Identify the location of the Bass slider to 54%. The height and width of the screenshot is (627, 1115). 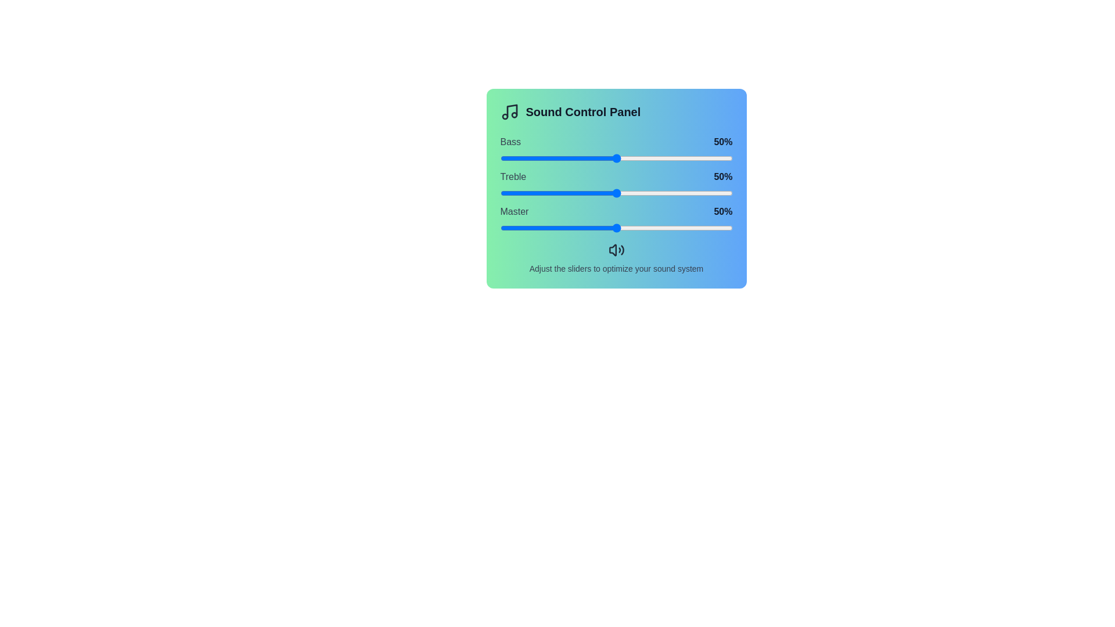
(625, 158).